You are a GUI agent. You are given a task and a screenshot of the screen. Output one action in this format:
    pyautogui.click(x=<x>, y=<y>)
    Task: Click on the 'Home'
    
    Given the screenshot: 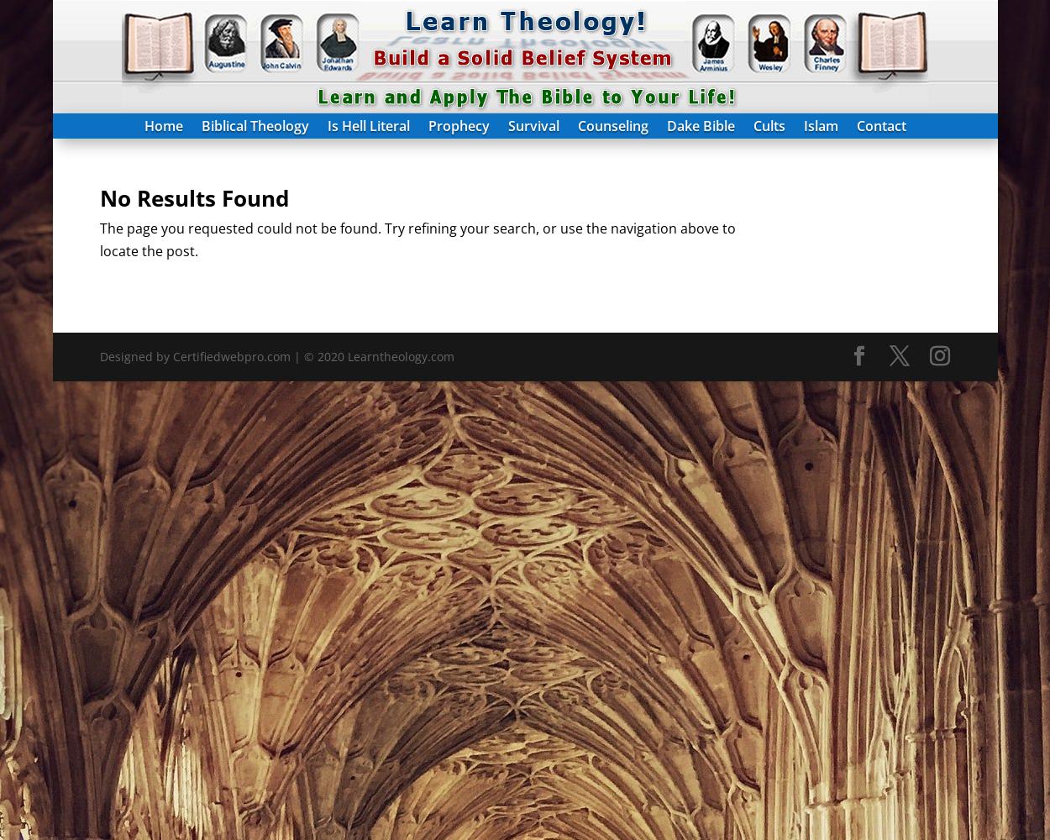 What is the action you would take?
    pyautogui.click(x=162, y=126)
    